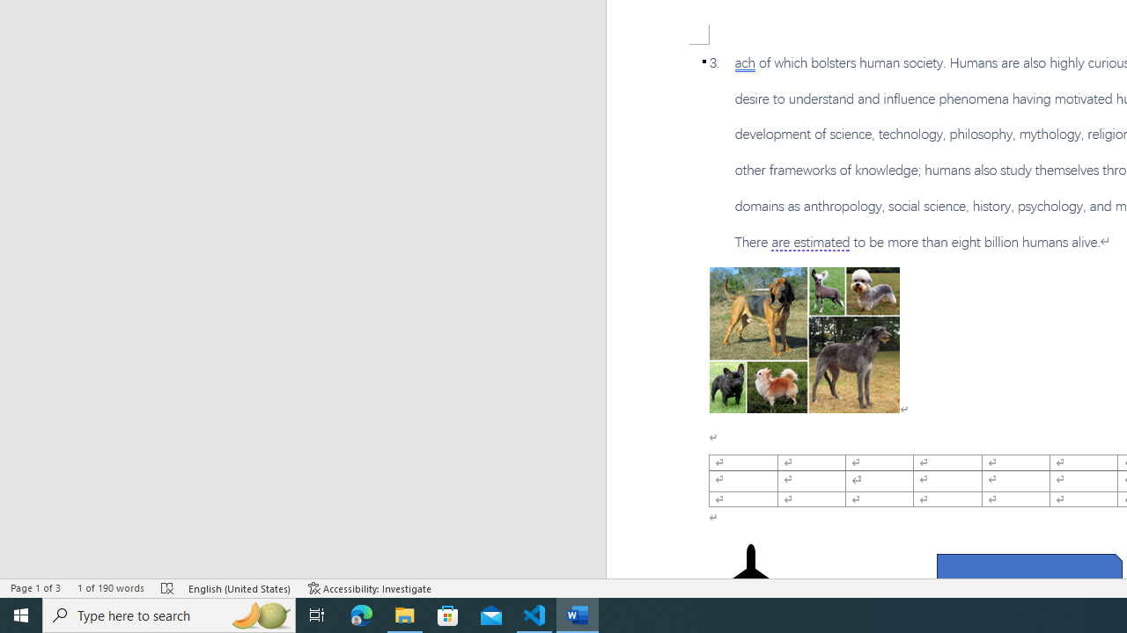 The width and height of the screenshot is (1127, 633). What do you see at coordinates (35, 588) in the screenshot?
I see `'Page Number Page 1 of 3'` at bounding box center [35, 588].